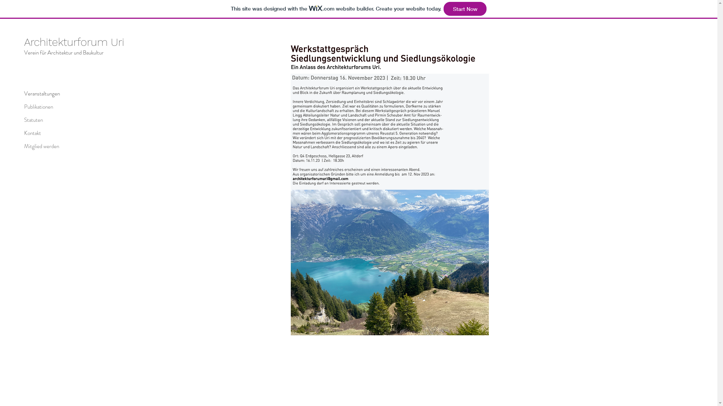 The height and width of the screenshot is (406, 723). Describe the element at coordinates (24, 120) in the screenshot. I see `'Statuten'` at that location.